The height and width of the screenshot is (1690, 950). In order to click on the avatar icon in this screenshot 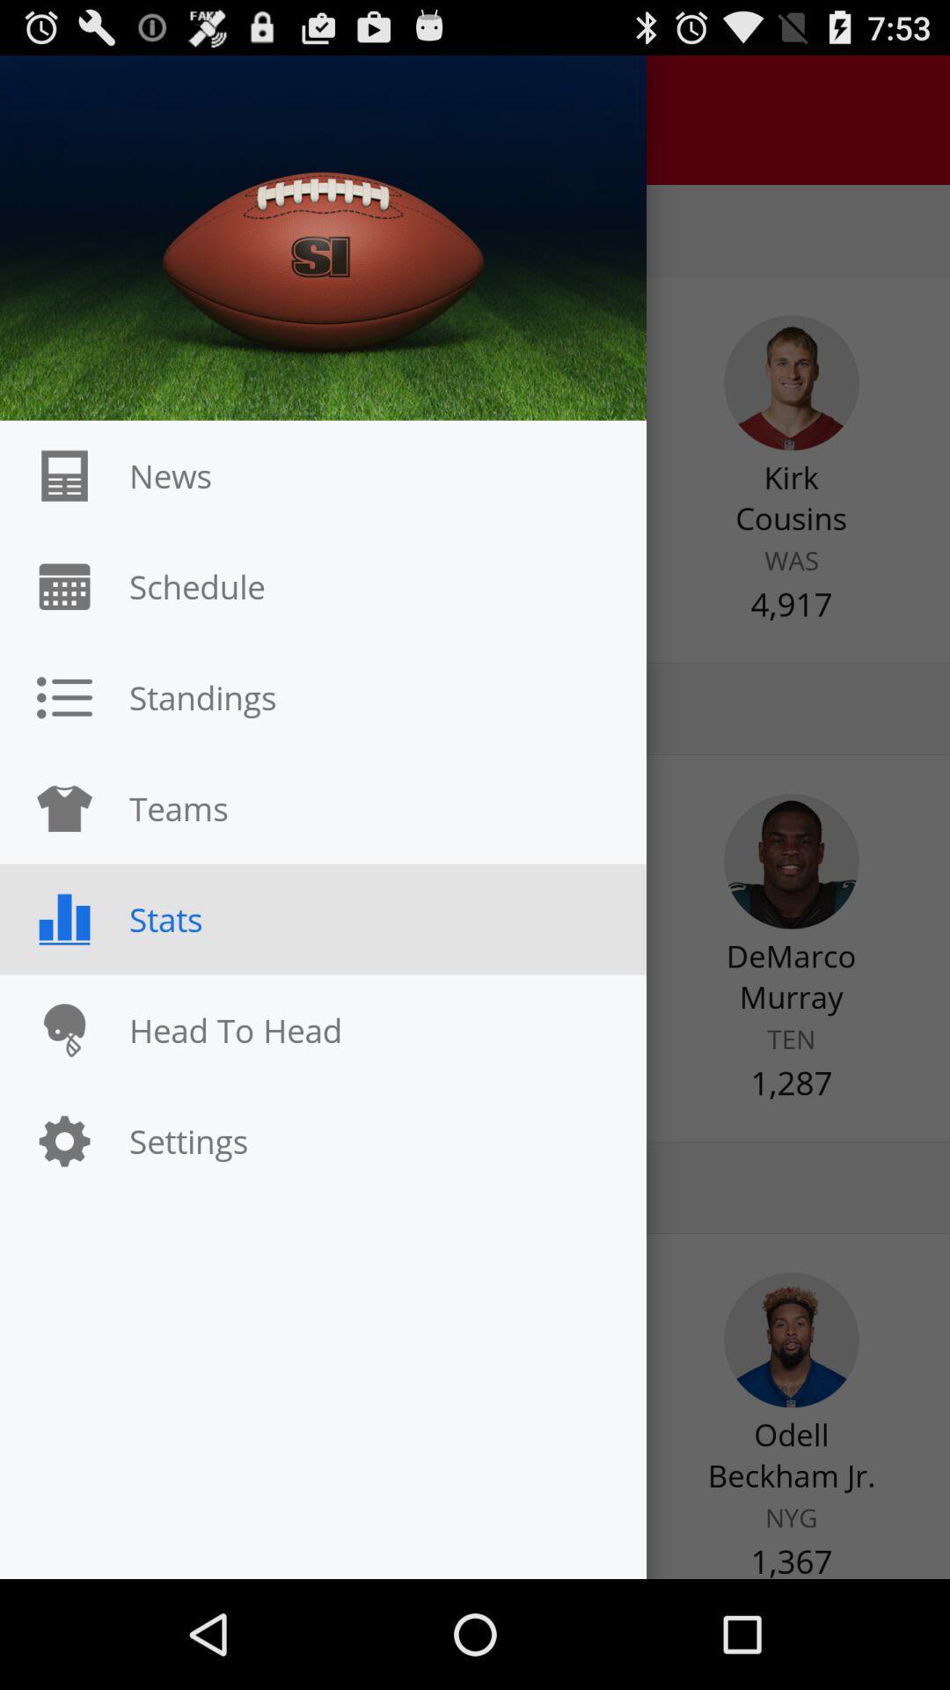, I will do `click(790, 408)`.